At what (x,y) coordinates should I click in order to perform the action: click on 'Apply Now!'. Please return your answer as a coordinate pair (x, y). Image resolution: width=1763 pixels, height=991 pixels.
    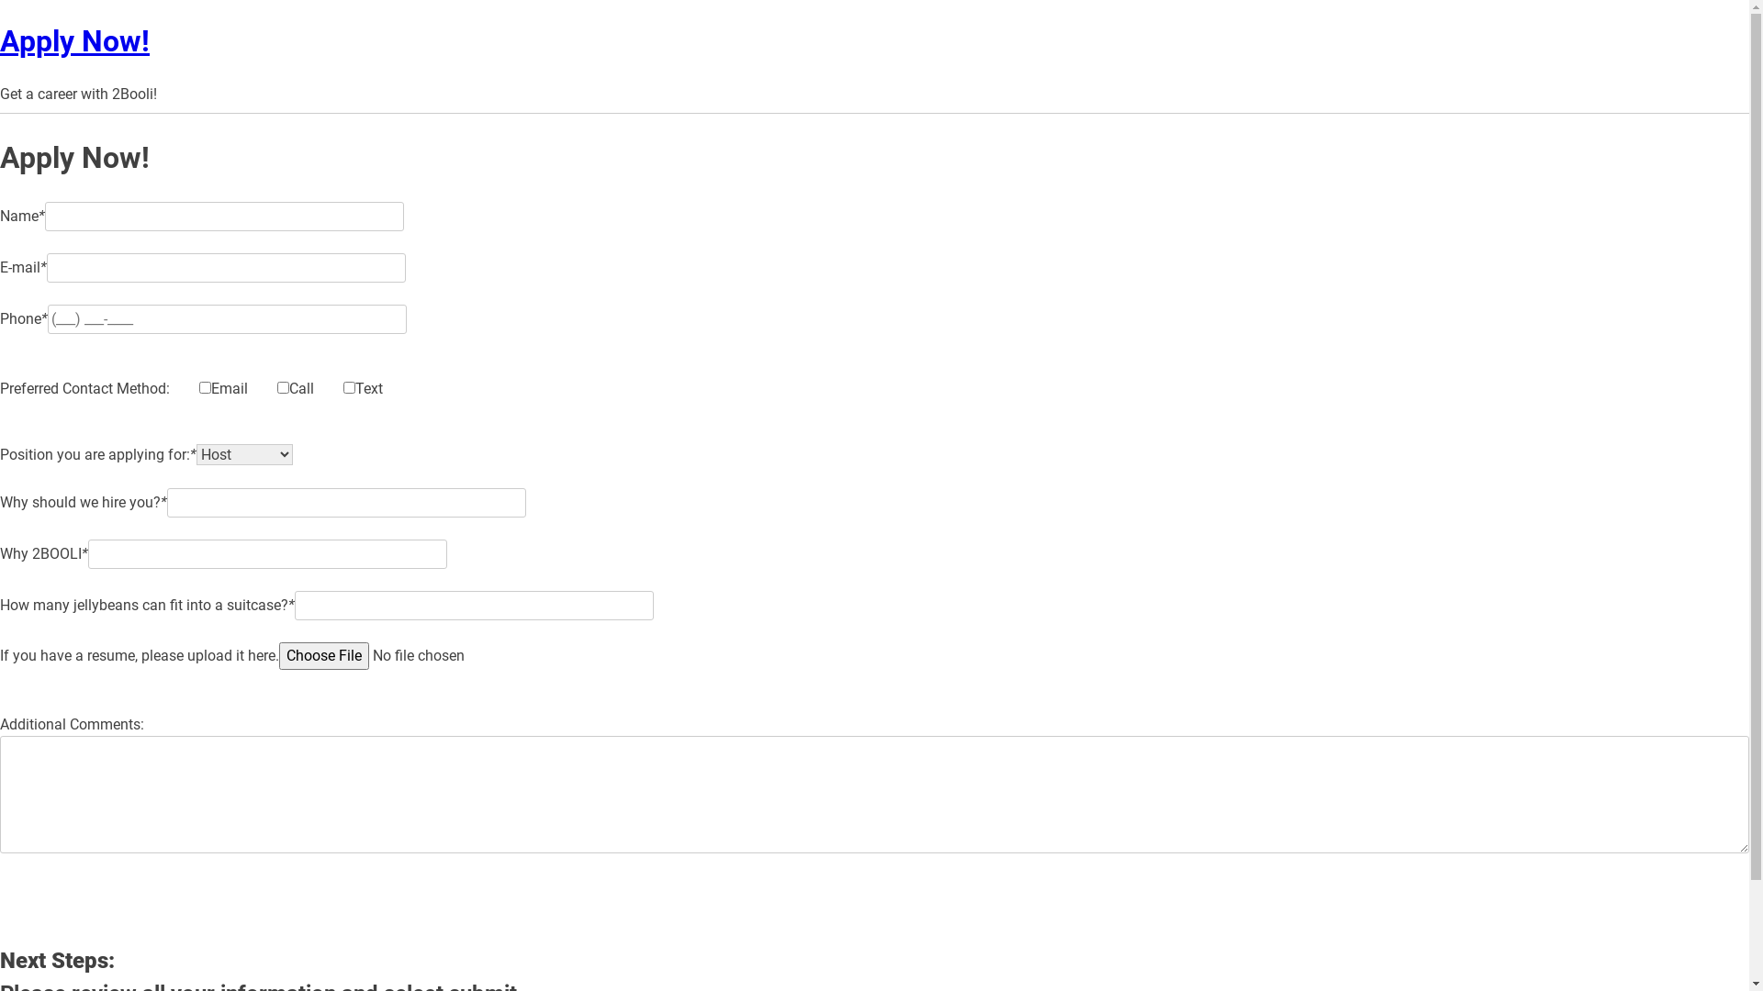
    Looking at the image, I should click on (73, 41).